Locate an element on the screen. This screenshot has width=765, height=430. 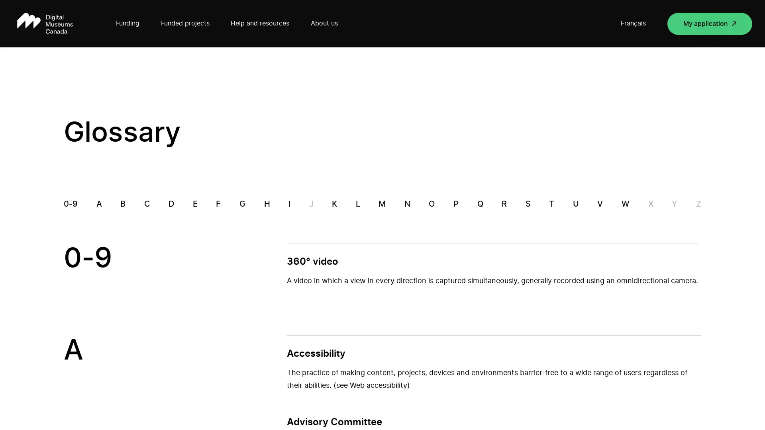
C is located at coordinates (147, 204).